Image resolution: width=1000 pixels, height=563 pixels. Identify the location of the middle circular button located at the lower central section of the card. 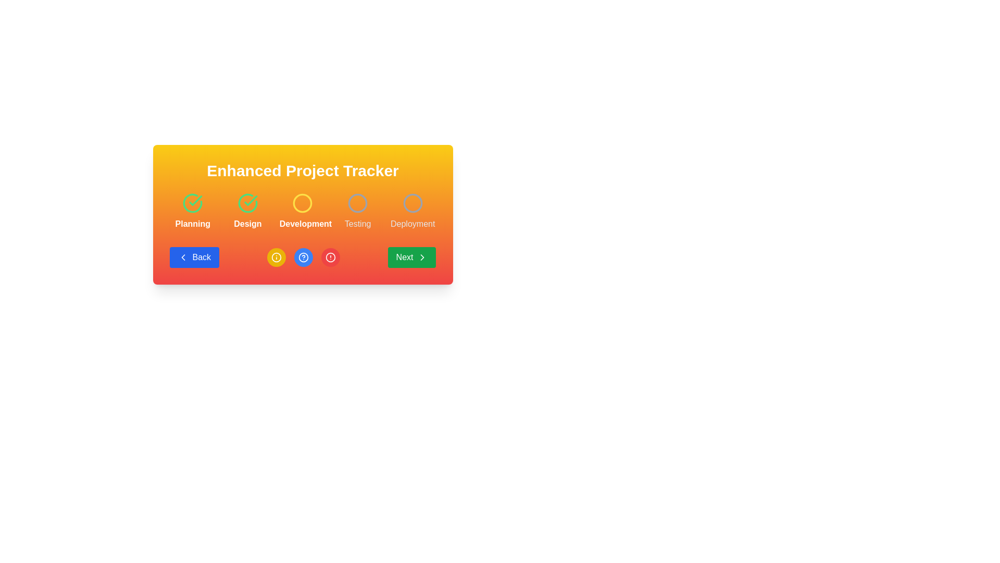
(302, 257).